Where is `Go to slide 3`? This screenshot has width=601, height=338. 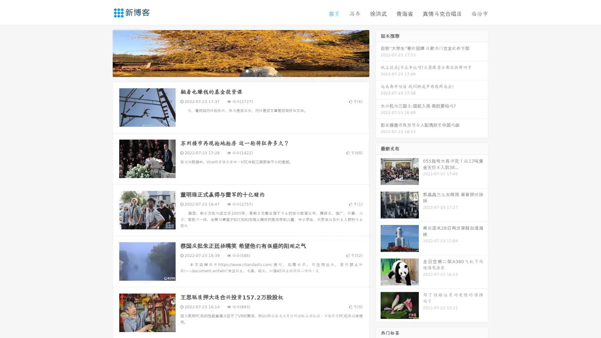 Go to slide 3 is located at coordinates (247, 70).